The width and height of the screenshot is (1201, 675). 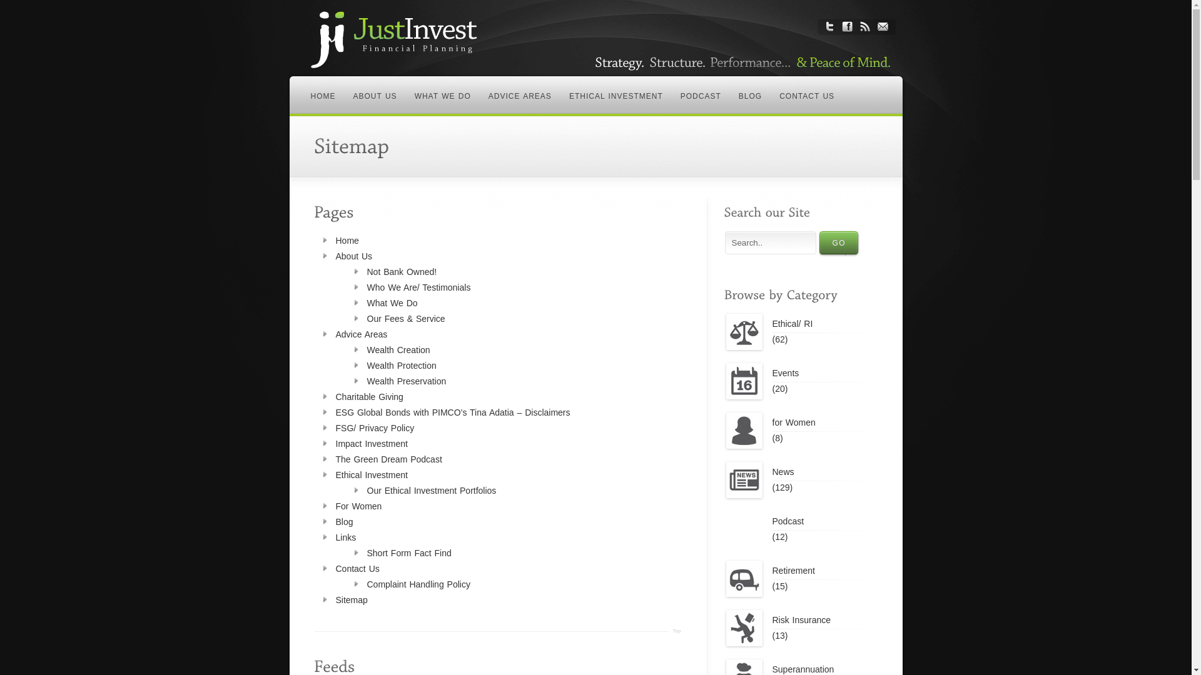 What do you see at coordinates (771, 422) in the screenshot?
I see `'for Women'` at bounding box center [771, 422].